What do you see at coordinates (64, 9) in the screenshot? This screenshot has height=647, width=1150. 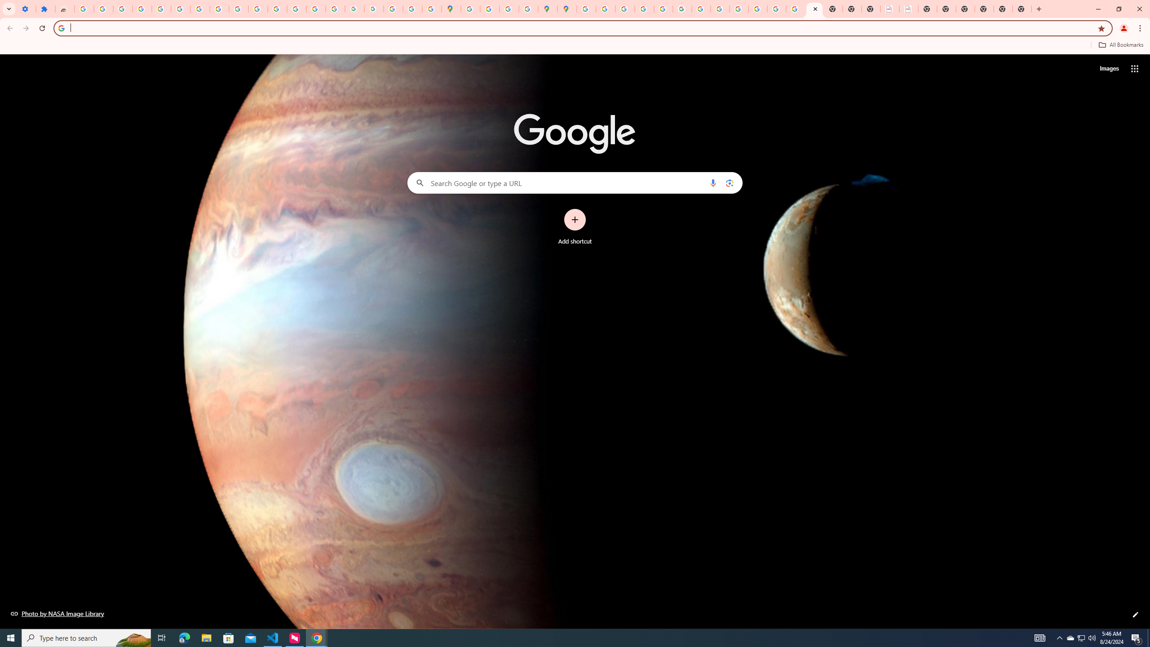 I see `'Reviews: Helix Fruit Jump Arcade Game'` at bounding box center [64, 9].